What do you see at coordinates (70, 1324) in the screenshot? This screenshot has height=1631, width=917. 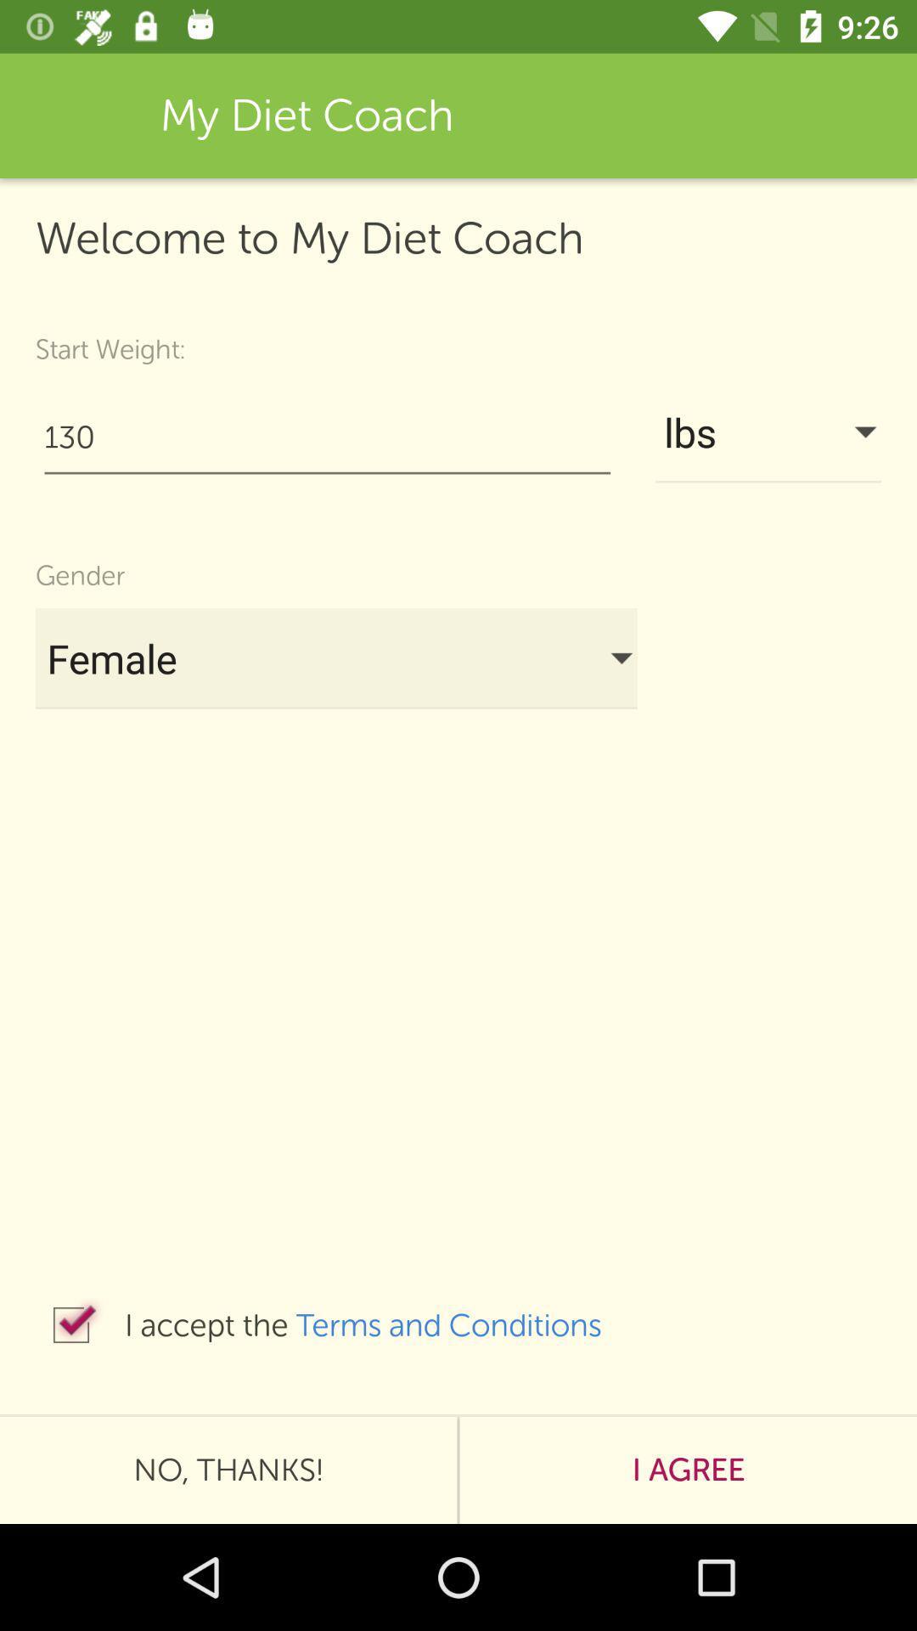 I see `the icon to the left of the i accept the` at bounding box center [70, 1324].